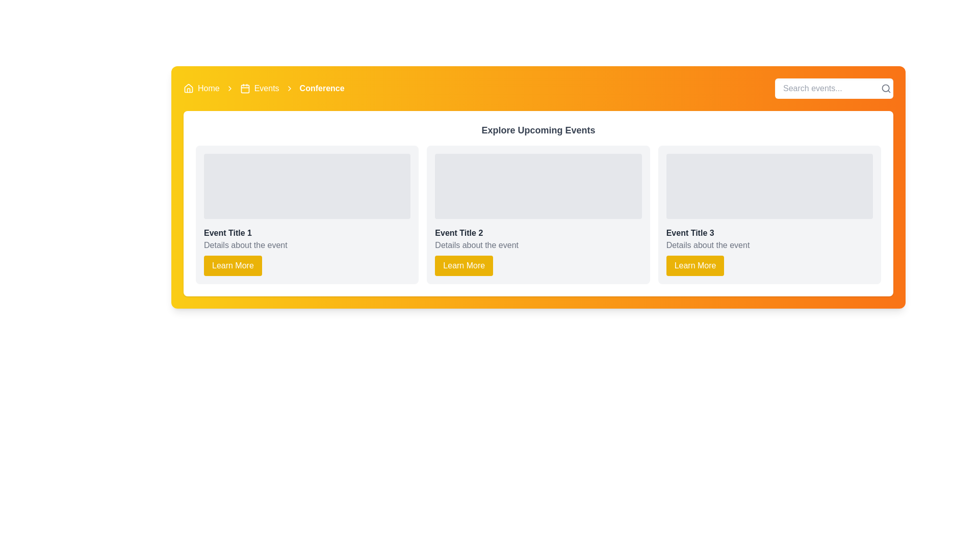 This screenshot has height=550, width=979. I want to click on the navigational link in the breadcrumb trail between 'Home' and 'Conference', so click(260, 88).